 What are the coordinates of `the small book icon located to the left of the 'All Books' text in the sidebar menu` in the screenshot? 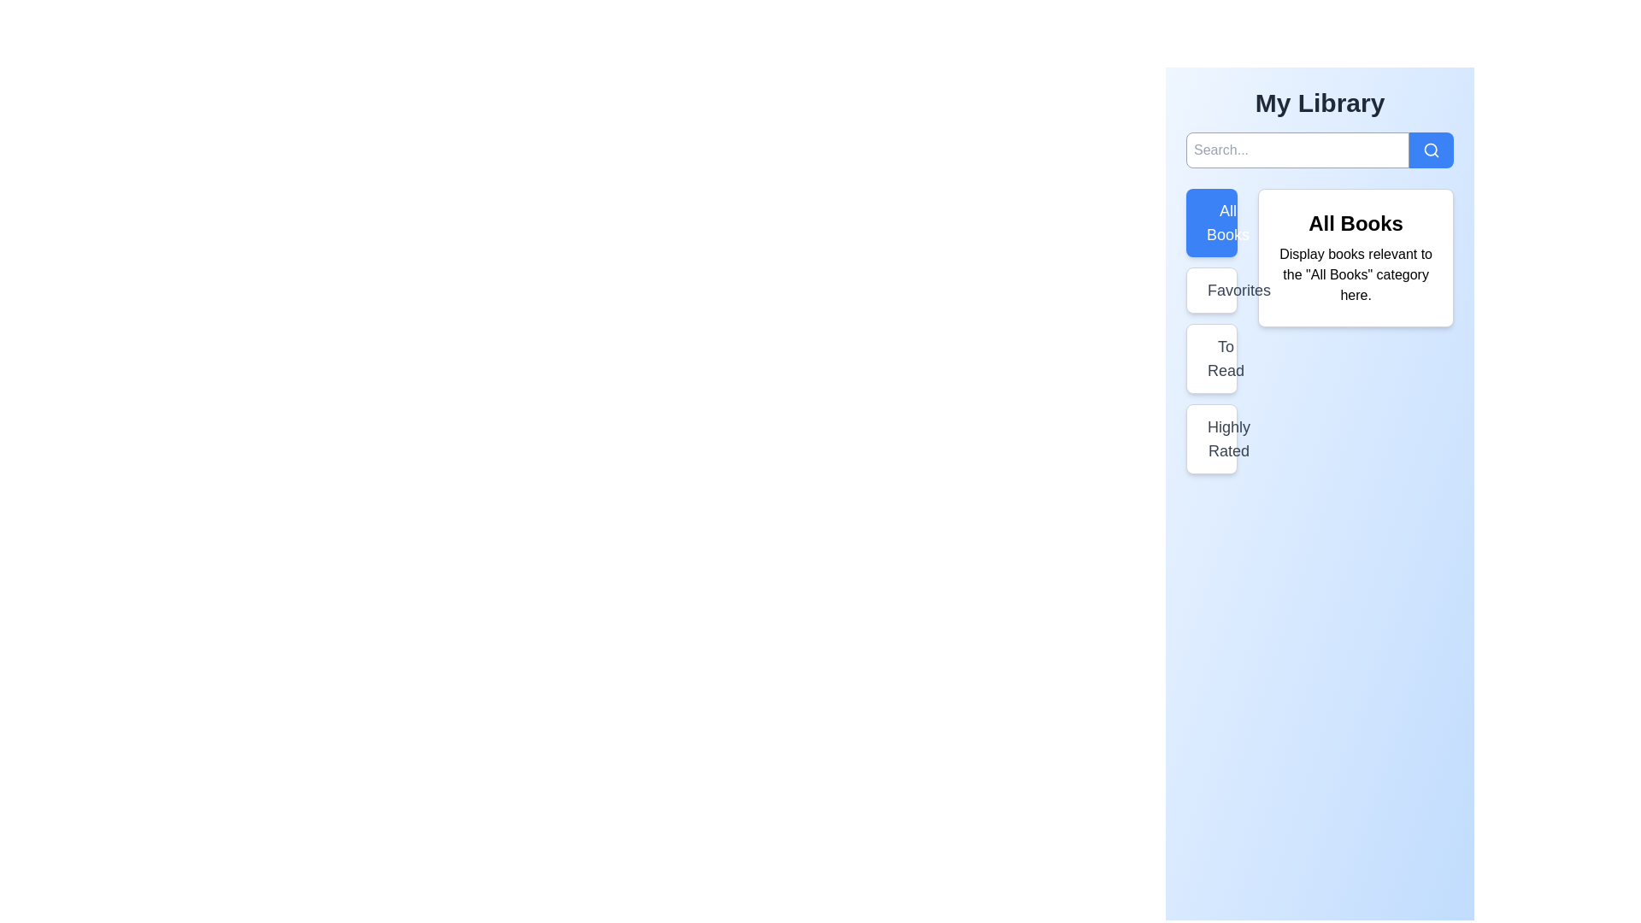 It's located at (1209, 222).